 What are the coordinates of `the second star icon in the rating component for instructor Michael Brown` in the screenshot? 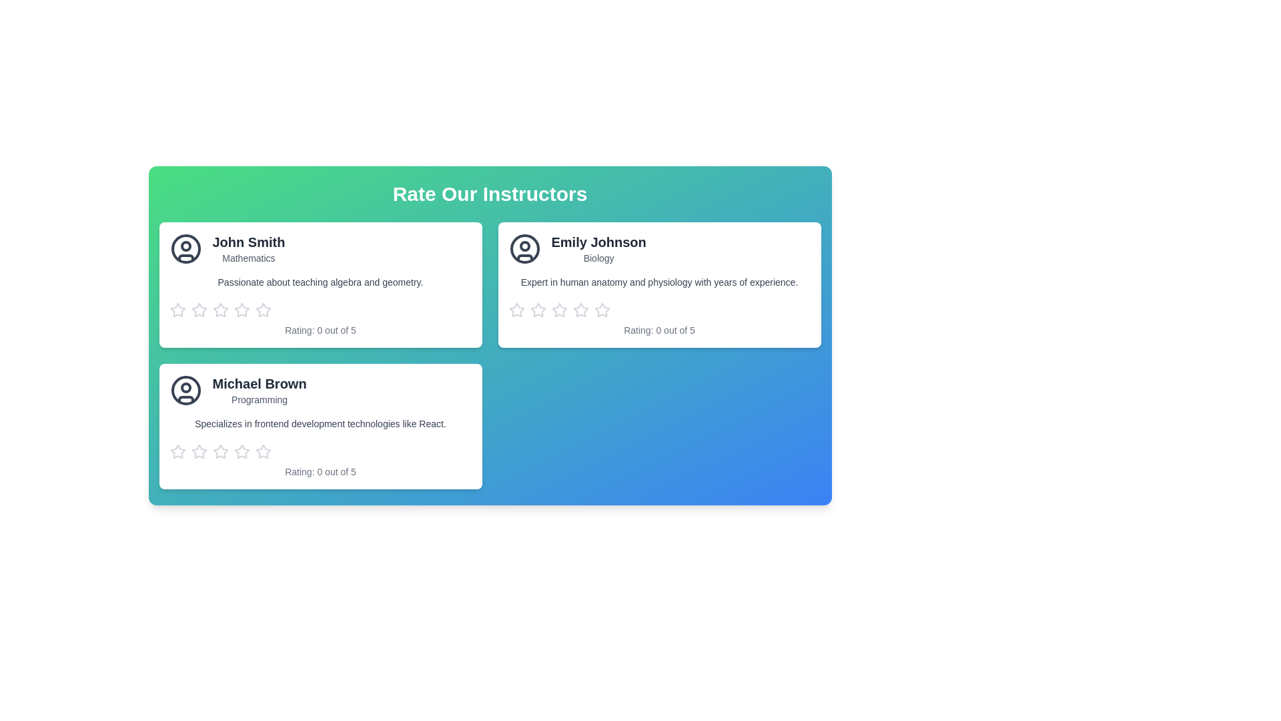 It's located at (242, 451).